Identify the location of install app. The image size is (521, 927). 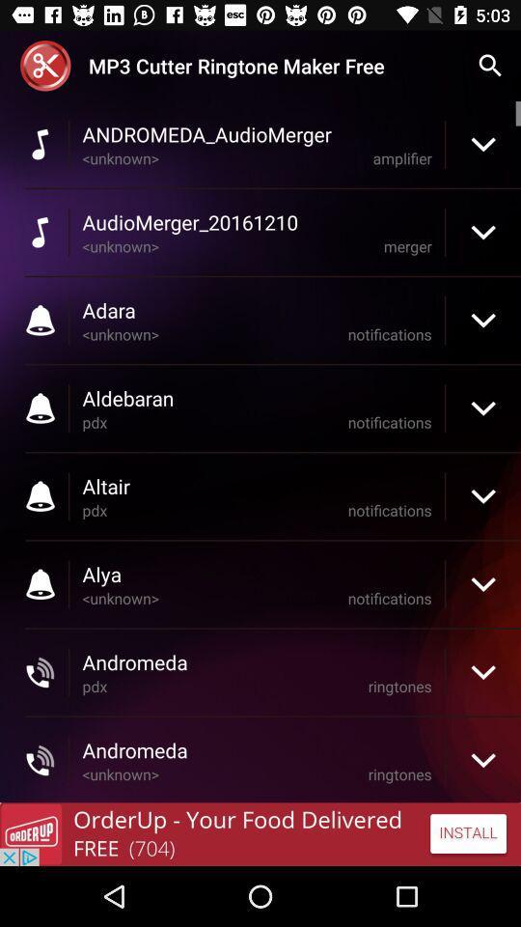
(260, 833).